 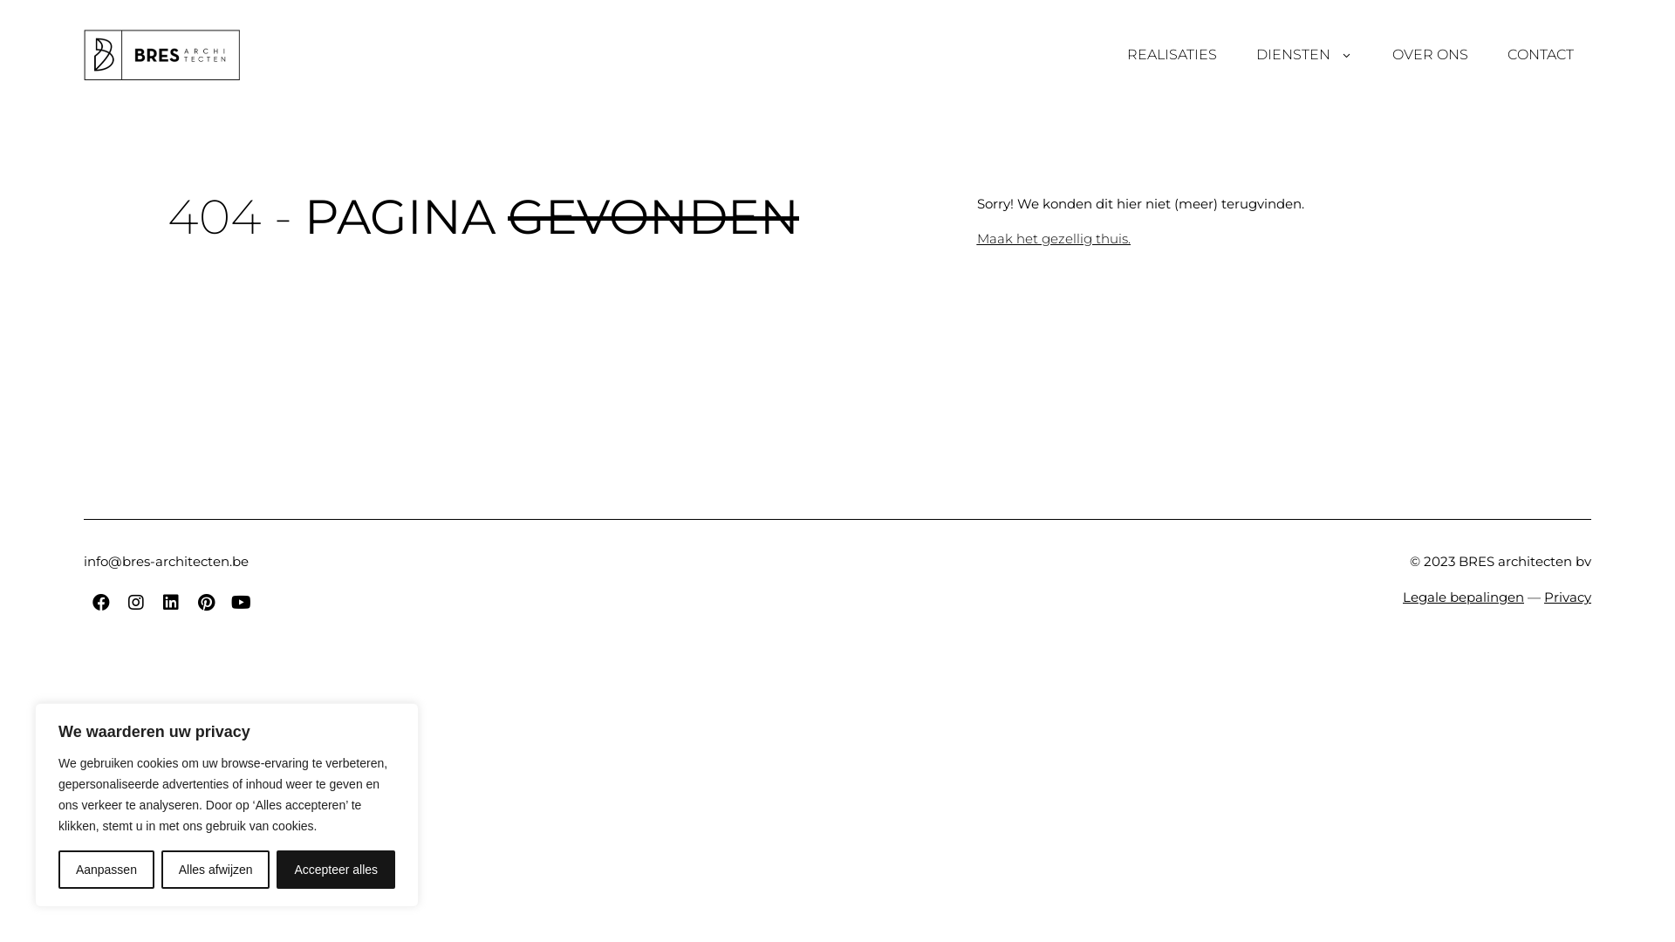 What do you see at coordinates (275, 869) in the screenshot?
I see `'Accepteer alles'` at bounding box center [275, 869].